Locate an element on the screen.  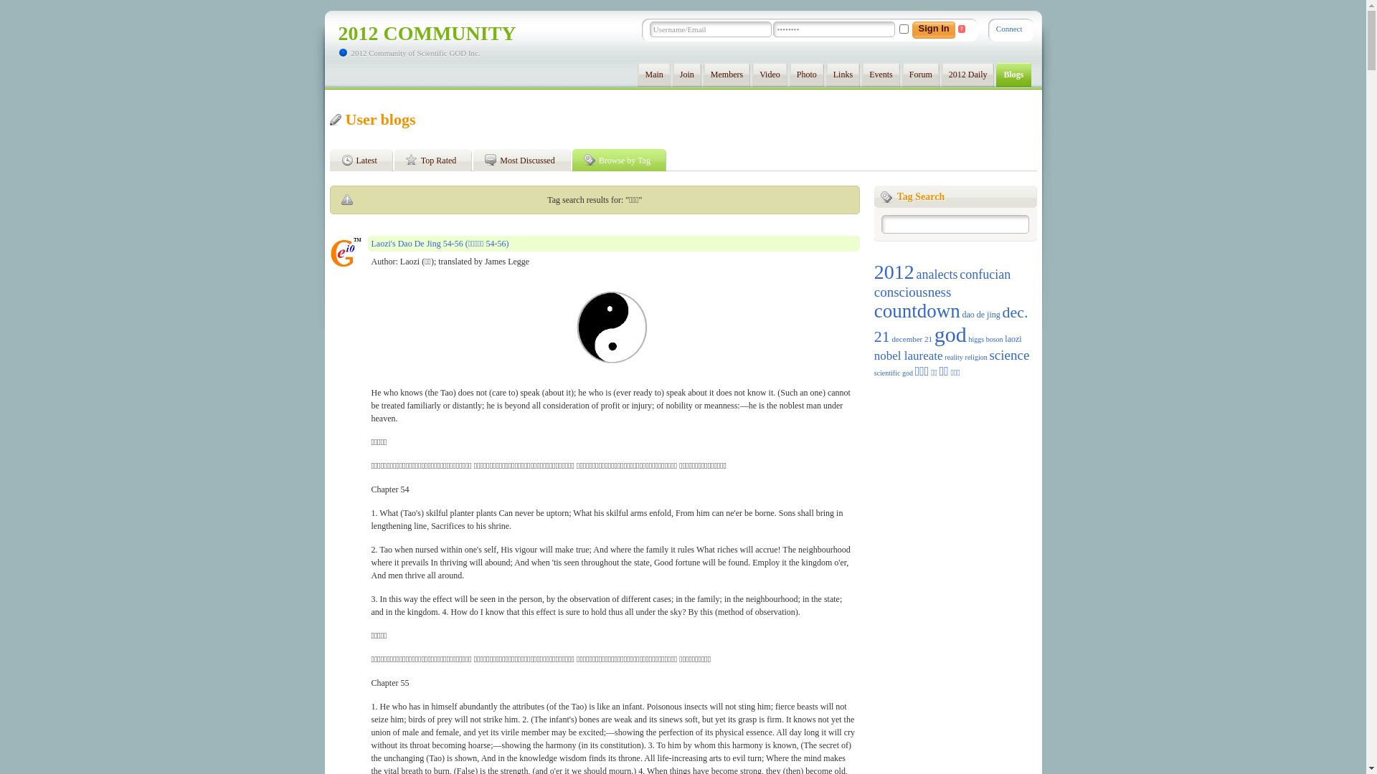
'2012 Daily' is located at coordinates (967, 75).